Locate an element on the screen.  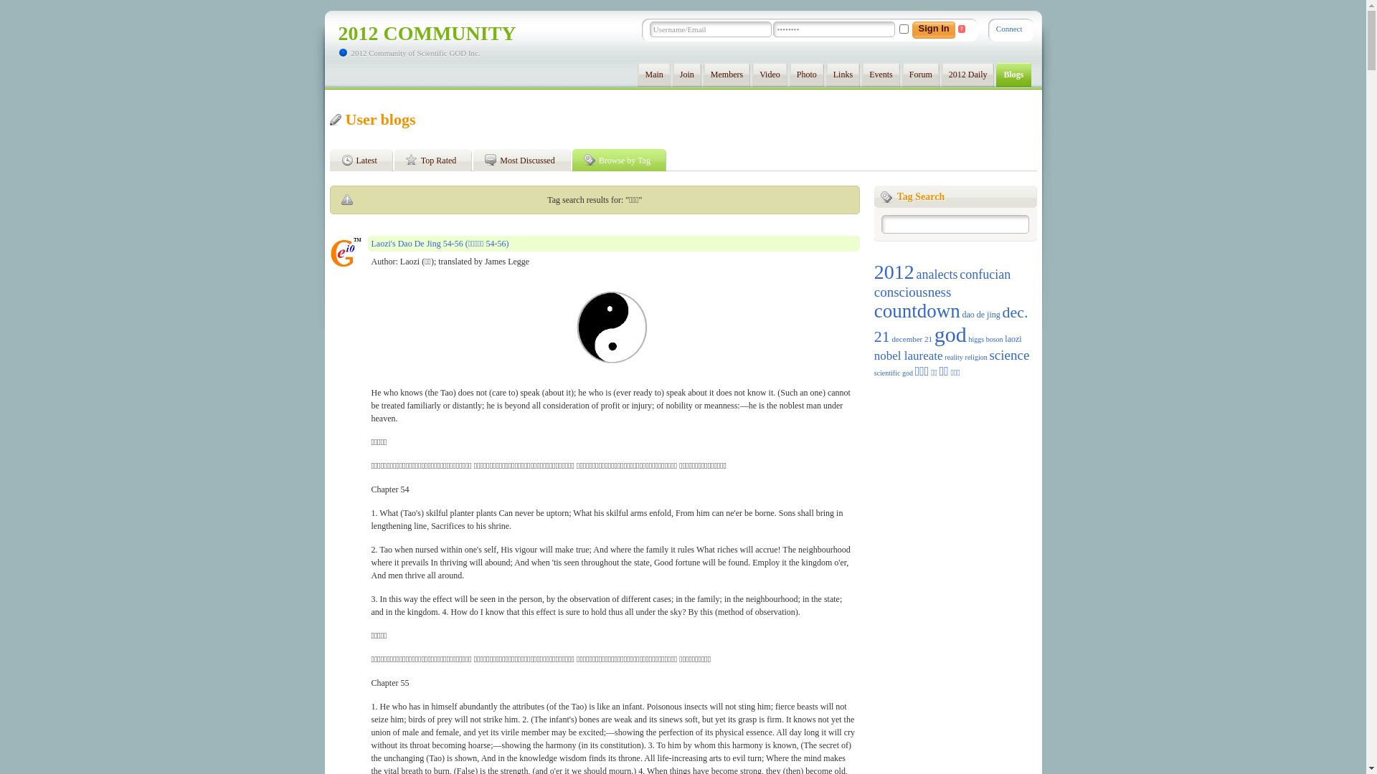
'2012 Daily' is located at coordinates (967, 75).